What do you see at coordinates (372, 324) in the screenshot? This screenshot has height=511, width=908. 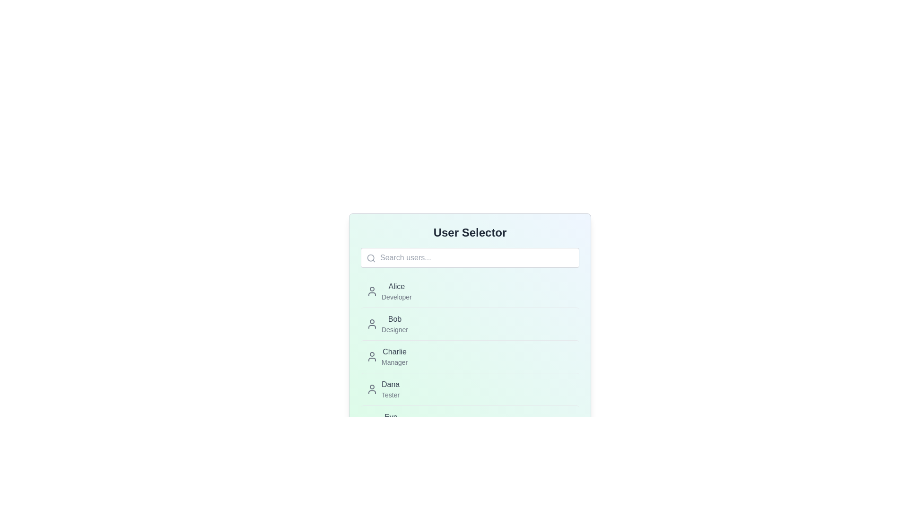 I see `the stylized user profile SVG icon located to the left of the text label 'Bob Designer' in the second row of the user list` at bounding box center [372, 324].